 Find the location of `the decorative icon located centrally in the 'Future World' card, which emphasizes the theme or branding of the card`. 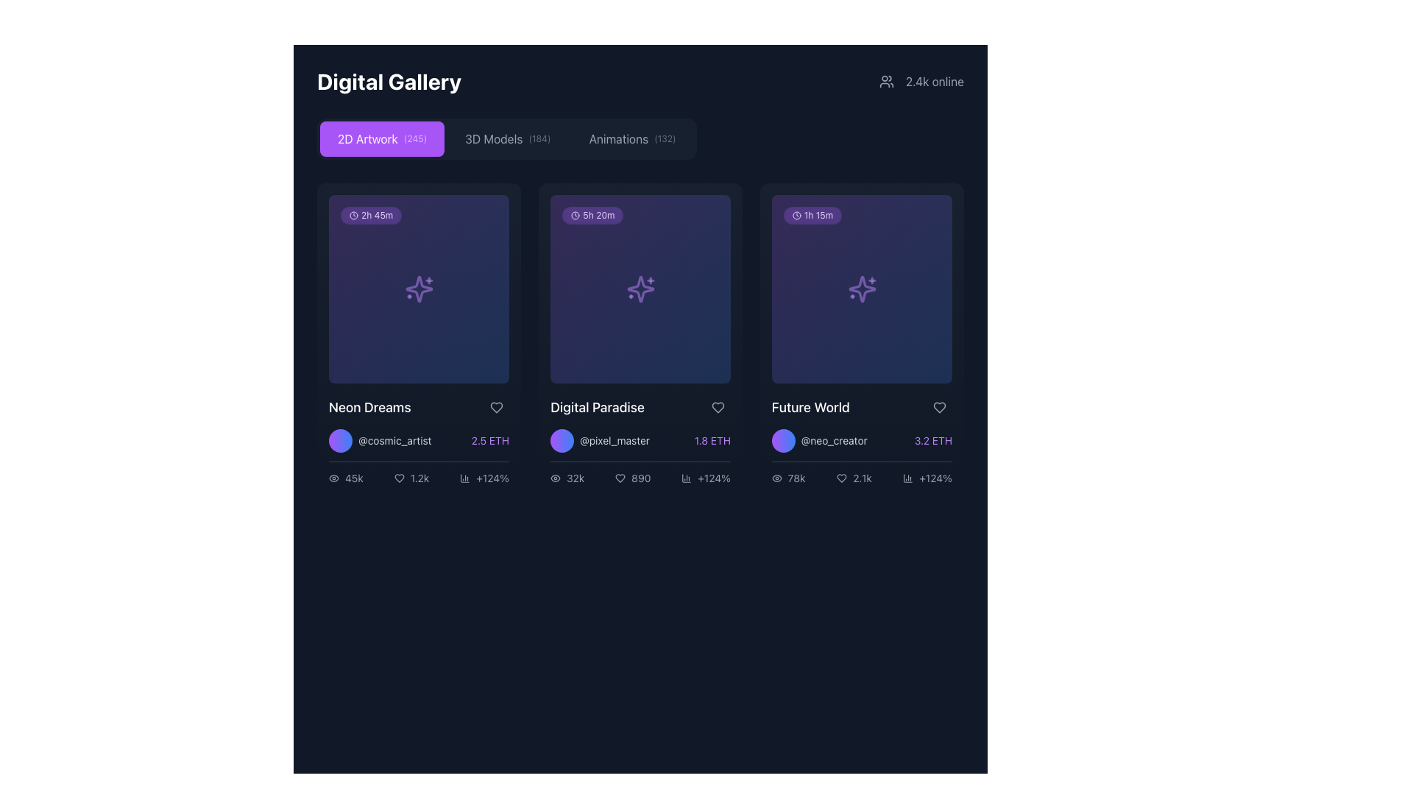

the decorative icon located centrally in the 'Future World' card, which emphasizes the theme or branding of the card is located at coordinates (862, 289).